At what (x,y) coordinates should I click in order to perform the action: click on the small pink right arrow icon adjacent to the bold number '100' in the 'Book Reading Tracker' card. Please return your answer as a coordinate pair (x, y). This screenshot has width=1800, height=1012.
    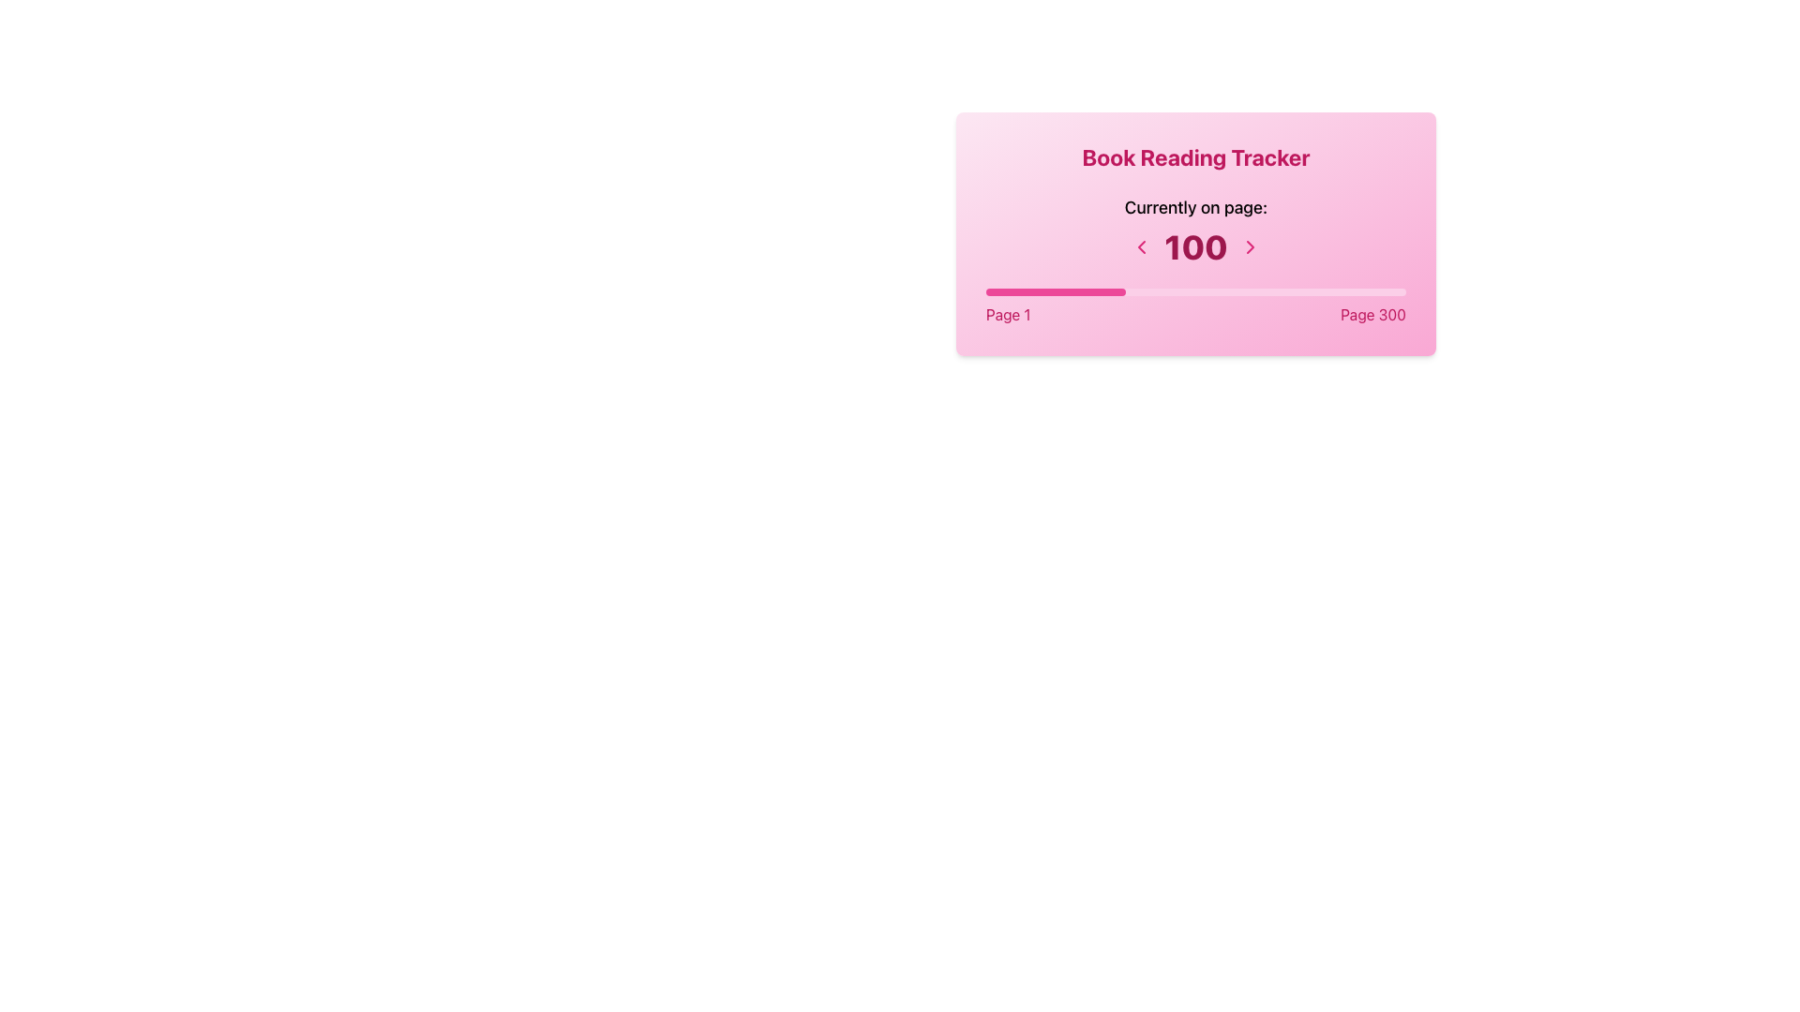
    Looking at the image, I should click on (1250, 246).